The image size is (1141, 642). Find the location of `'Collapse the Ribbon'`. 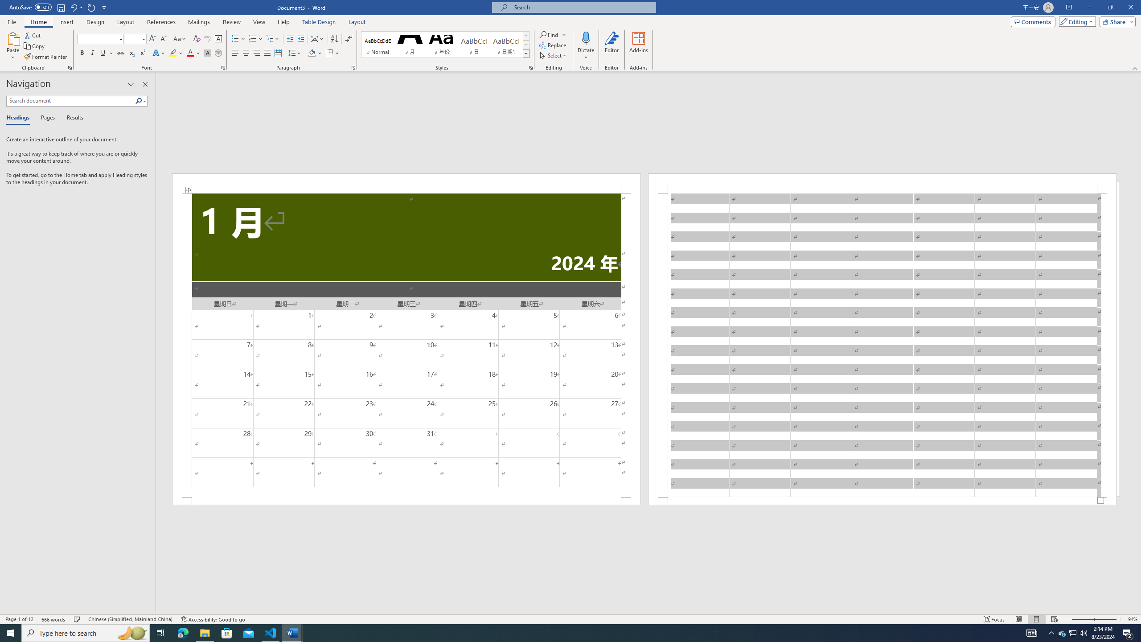

'Collapse the Ribbon' is located at coordinates (1135, 68).